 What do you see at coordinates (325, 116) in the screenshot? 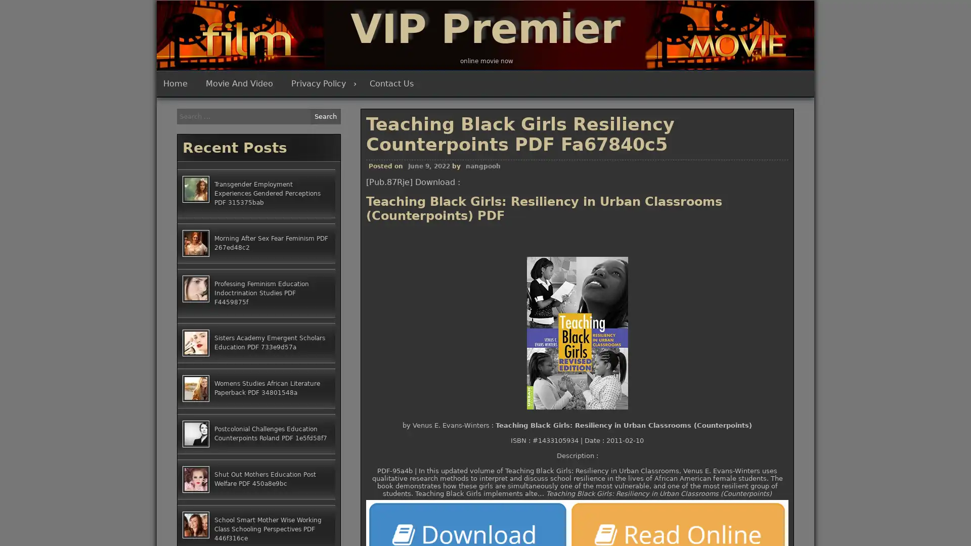
I see `Search` at bounding box center [325, 116].